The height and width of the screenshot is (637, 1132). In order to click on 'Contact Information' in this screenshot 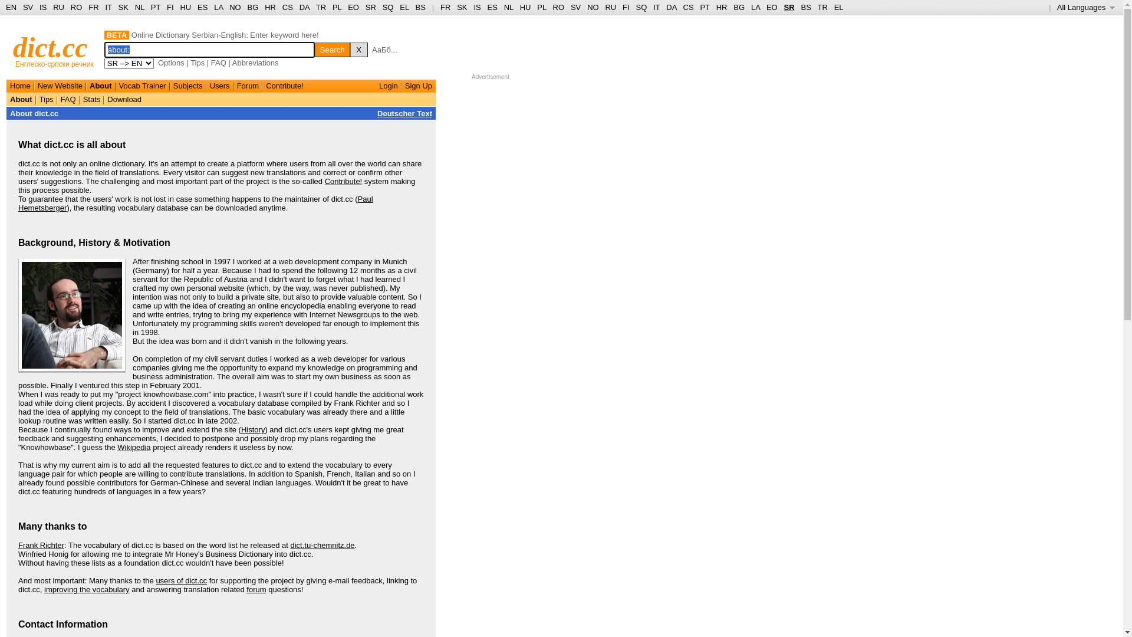, I will do `click(62, 623)`.